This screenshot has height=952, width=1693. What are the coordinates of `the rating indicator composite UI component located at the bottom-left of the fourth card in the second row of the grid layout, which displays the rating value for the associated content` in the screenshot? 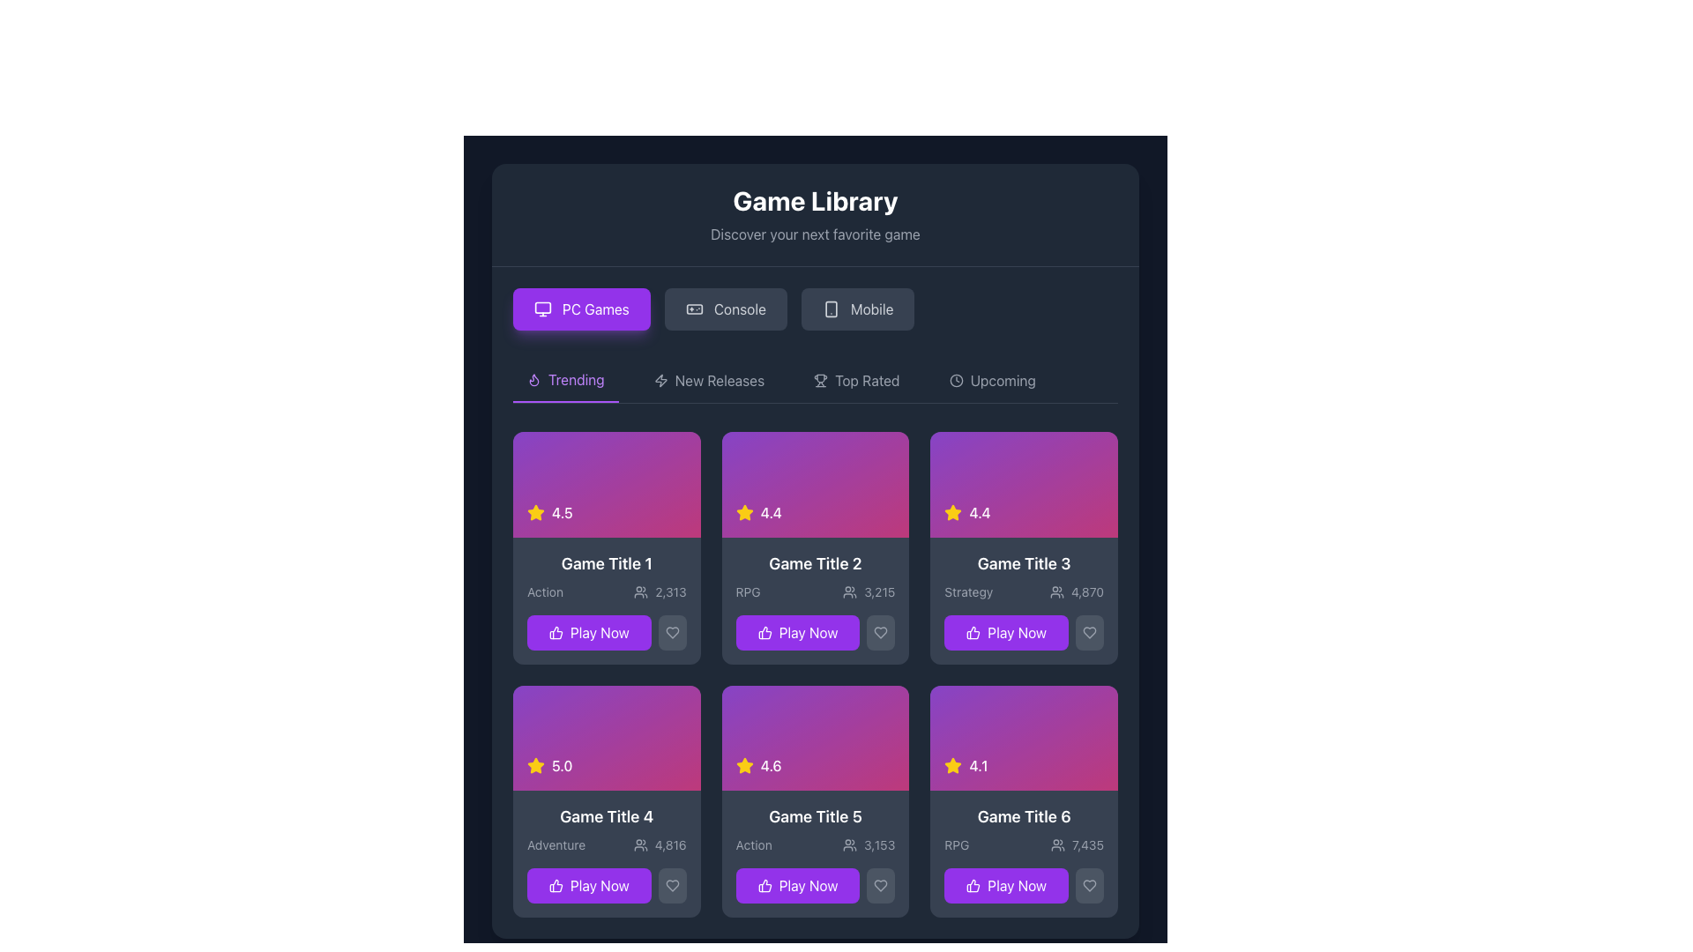 It's located at (548, 765).